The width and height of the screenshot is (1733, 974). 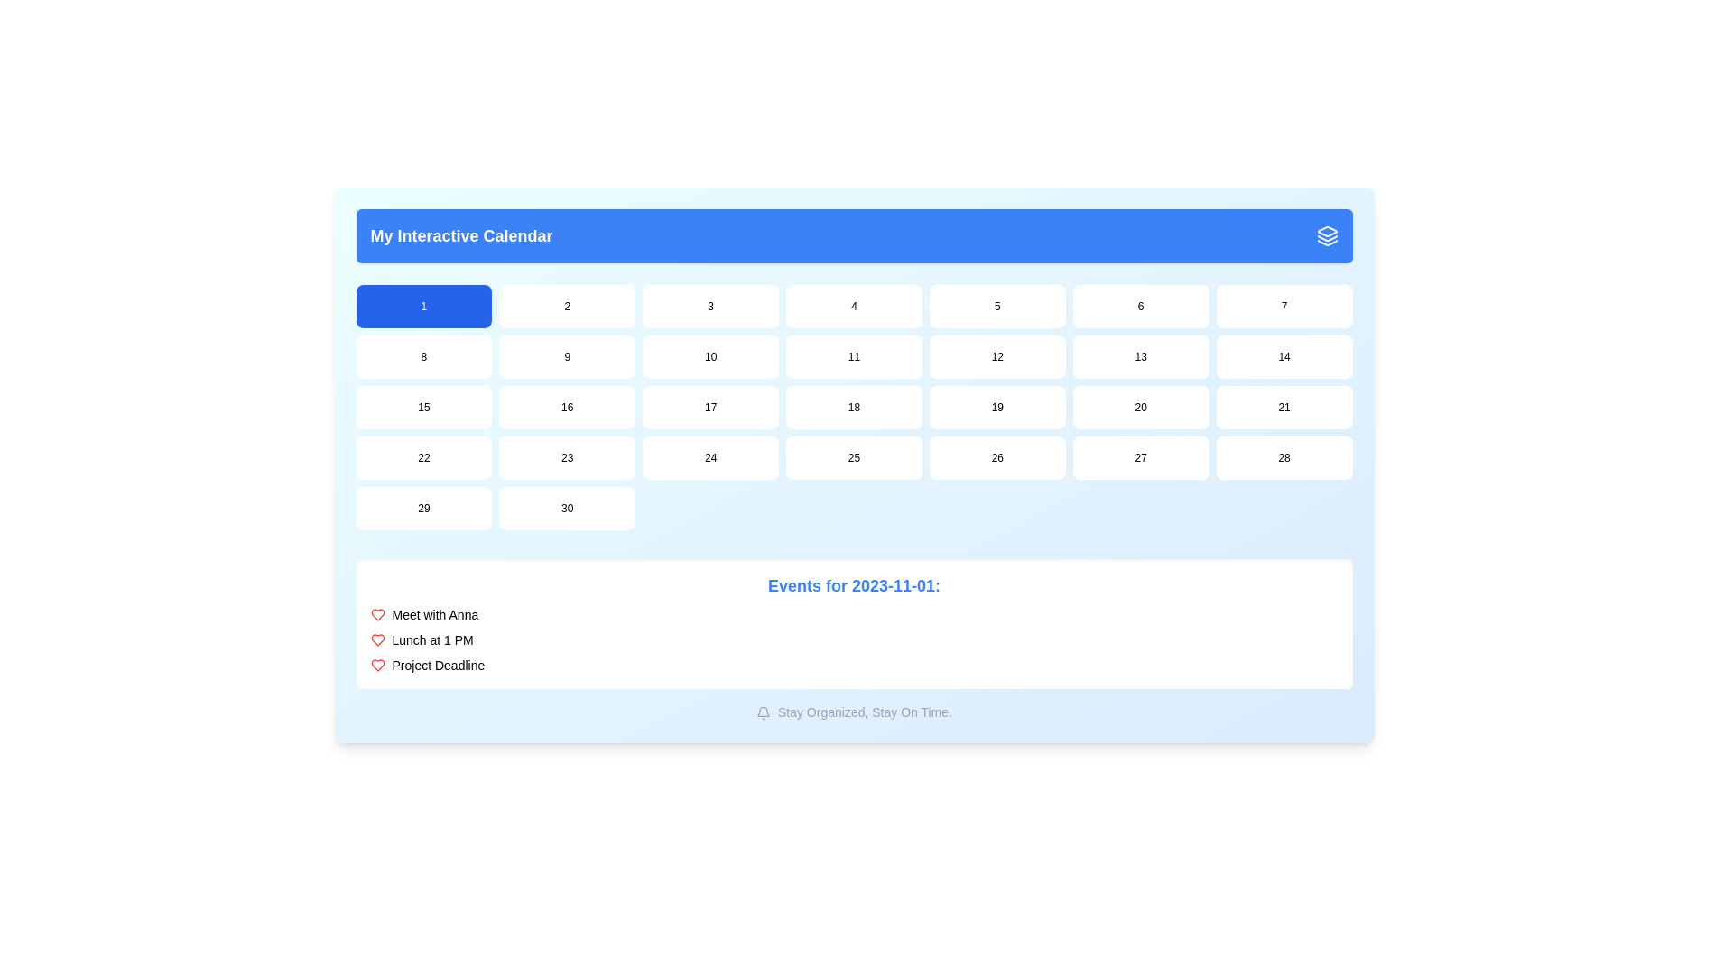 I want to click on the button labeled '29' which is the fifth button in the last row of a 7-column grid layout, located below the 'My Interactive Calendar' header, so click(x=422, y=508).